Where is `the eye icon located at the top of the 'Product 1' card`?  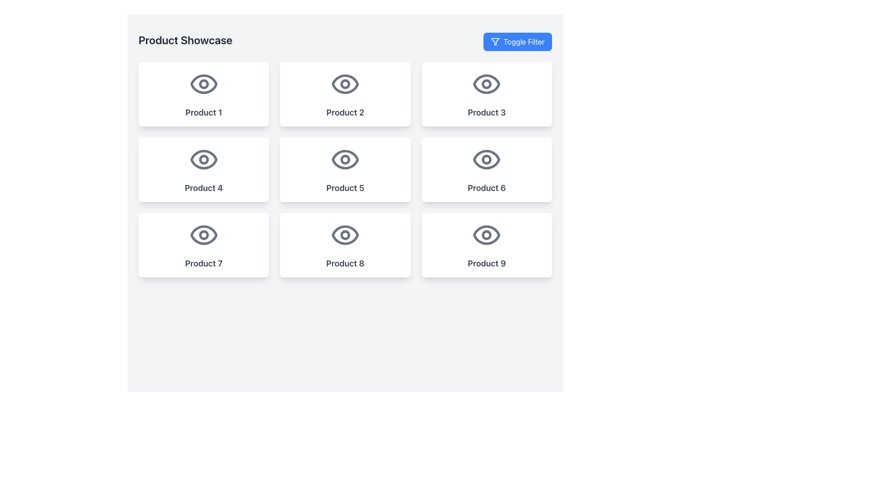 the eye icon located at the top of the 'Product 1' card is located at coordinates (203, 84).